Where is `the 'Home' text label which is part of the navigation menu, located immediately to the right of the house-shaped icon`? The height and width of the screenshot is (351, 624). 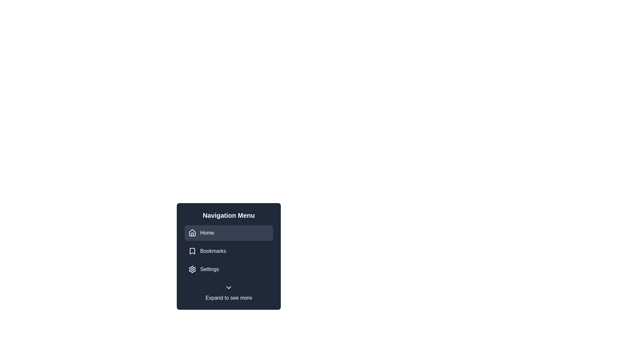
the 'Home' text label which is part of the navigation menu, located immediately to the right of the house-shaped icon is located at coordinates (207, 233).